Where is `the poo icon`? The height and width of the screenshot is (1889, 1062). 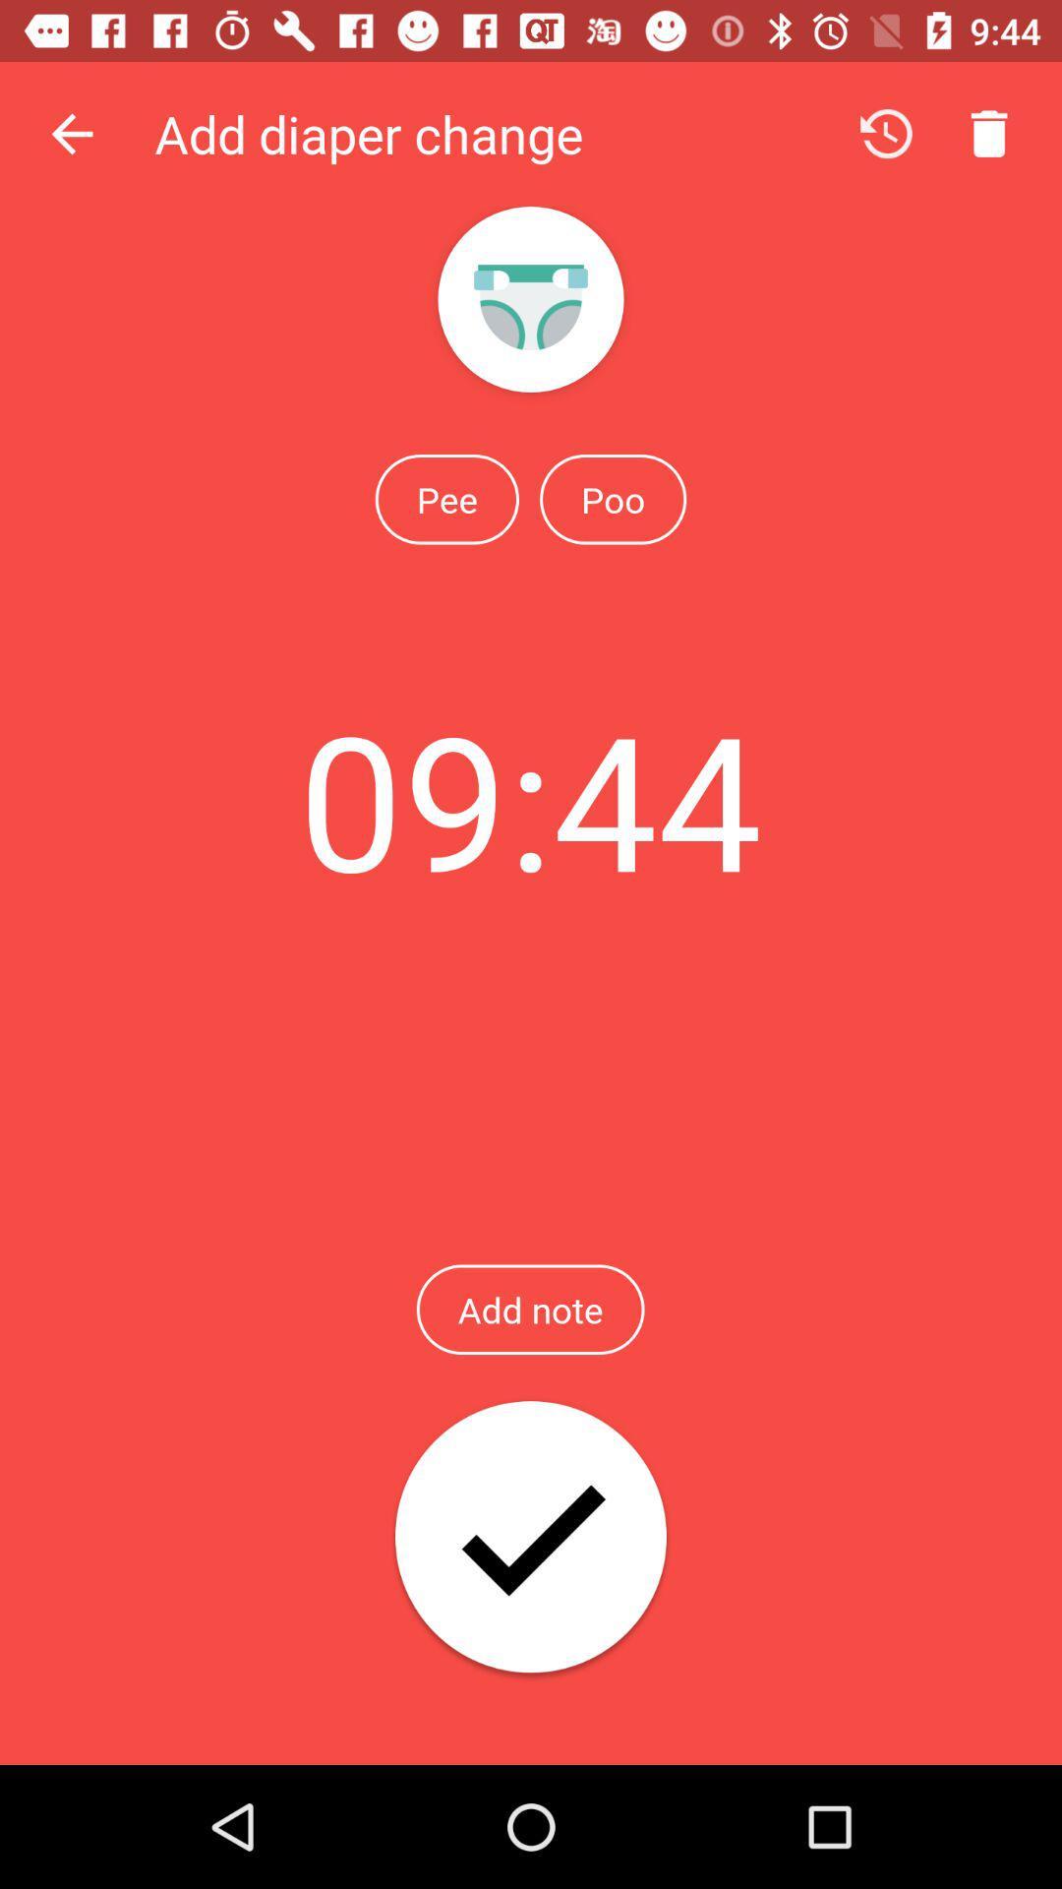 the poo icon is located at coordinates (612, 499).